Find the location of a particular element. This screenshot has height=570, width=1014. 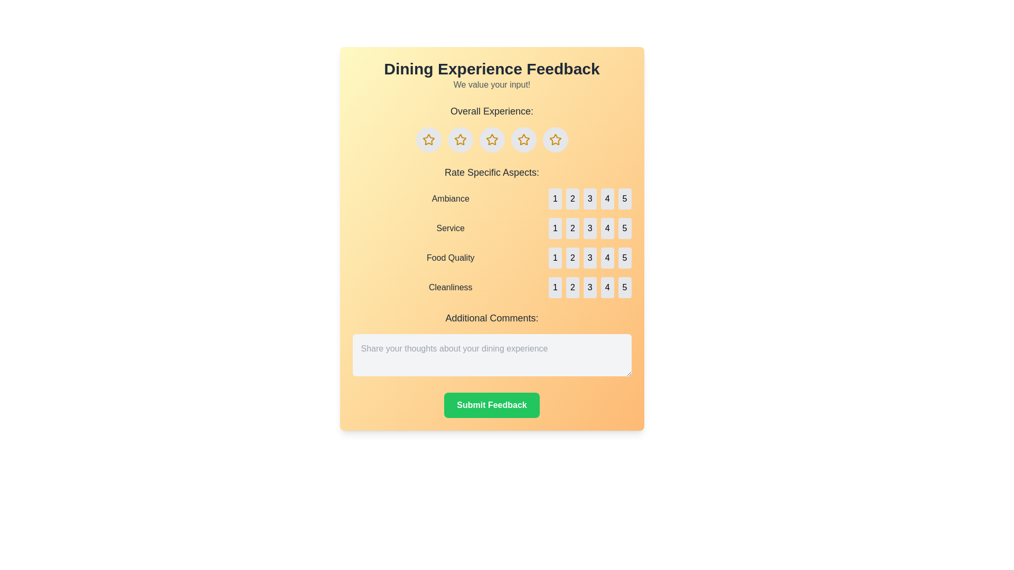

the circular button with a gray background and a yellow outline containing a star icon, which is the third button in a row of five under the 'Overall Experience' title is located at coordinates (491, 139).